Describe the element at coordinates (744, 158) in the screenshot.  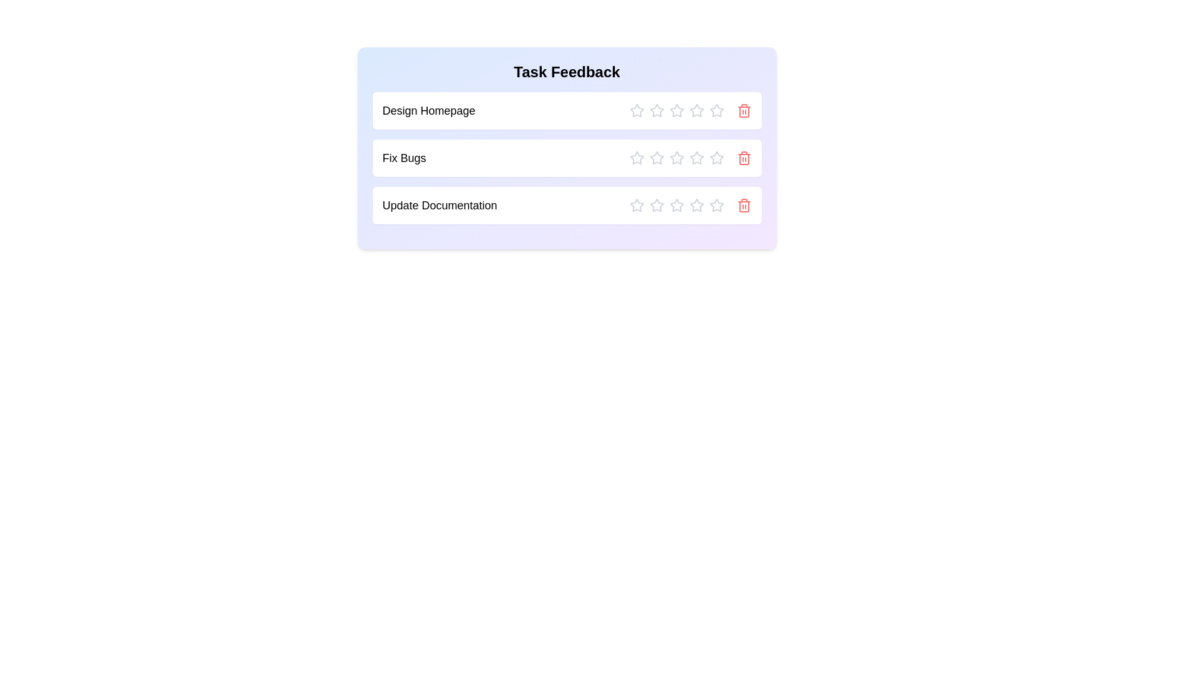
I see `delete icon for the task named Fix Bugs` at that location.